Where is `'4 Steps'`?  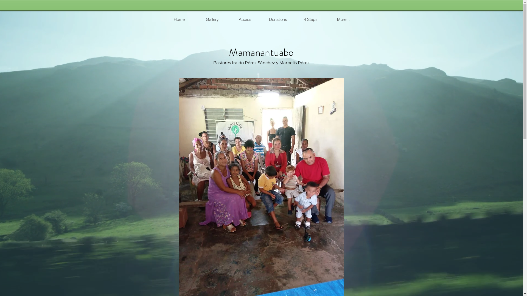
'4 Steps' is located at coordinates (310, 19).